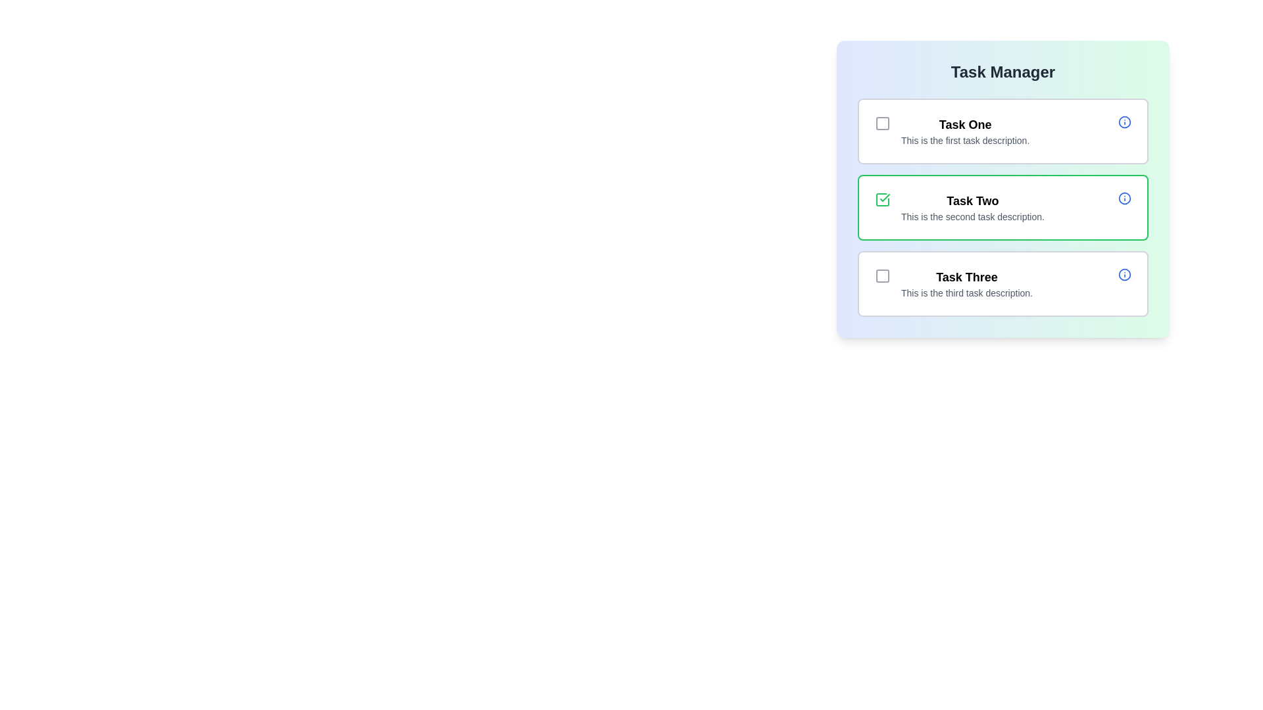 Image resolution: width=1263 pixels, height=710 pixels. Describe the element at coordinates (972, 207) in the screenshot. I see `the text block containing the title 'Task Two' and description 'This is the second task description', which is visually highlighted with a green border and located in the 'Task Manager' box` at that location.